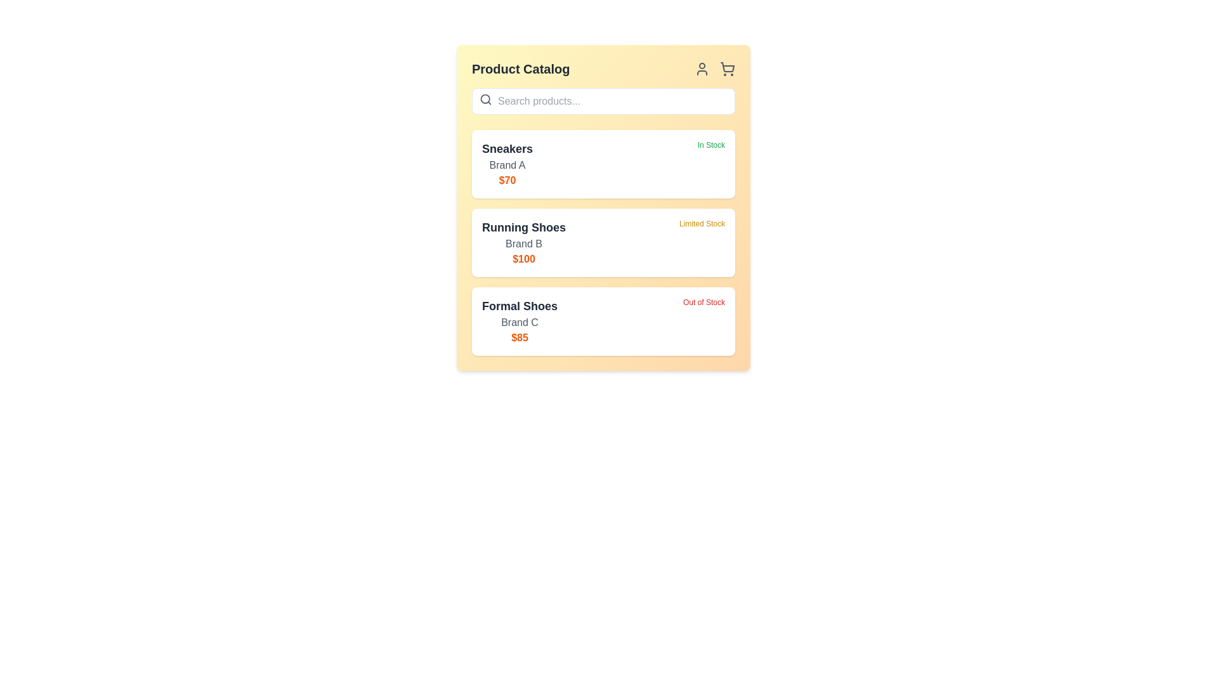 The height and width of the screenshot is (685, 1218). I want to click on the content displayed in the product details card for 'Running Shoes' by Brand B, which is located in the product listing section as the second entry, so click(523, 242).